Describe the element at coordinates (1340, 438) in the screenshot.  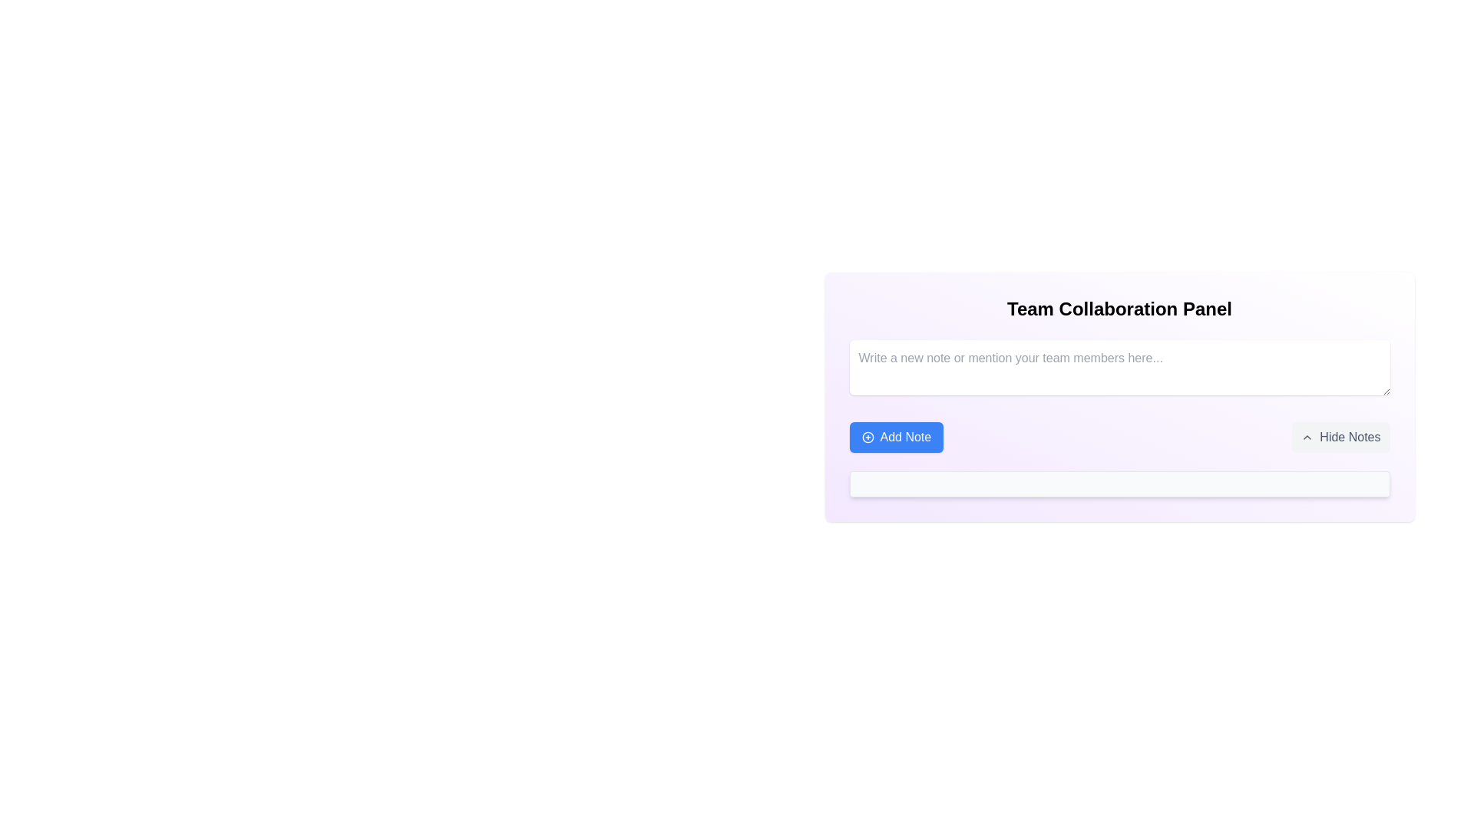
I see `the 'Hide Notes' button` at that location.